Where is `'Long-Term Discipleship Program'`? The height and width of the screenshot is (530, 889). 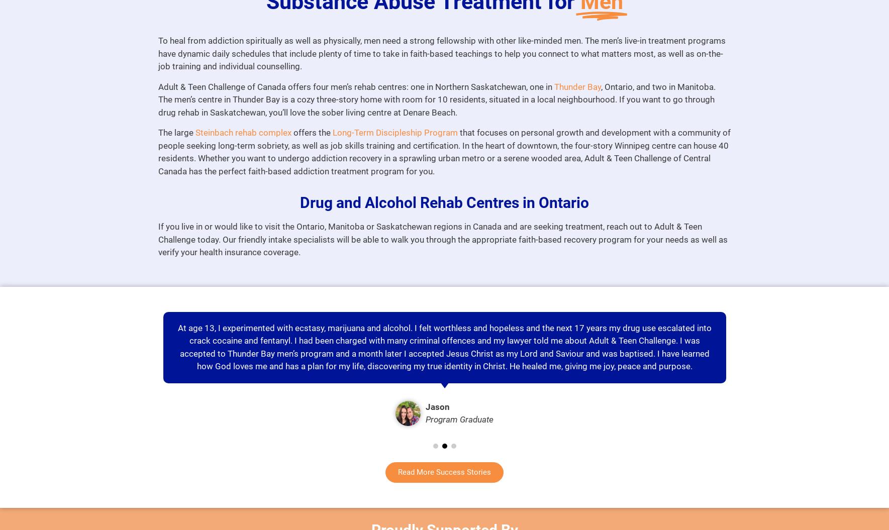
'Long-Term Discipleship Program' is located at coordinates (394, 132).